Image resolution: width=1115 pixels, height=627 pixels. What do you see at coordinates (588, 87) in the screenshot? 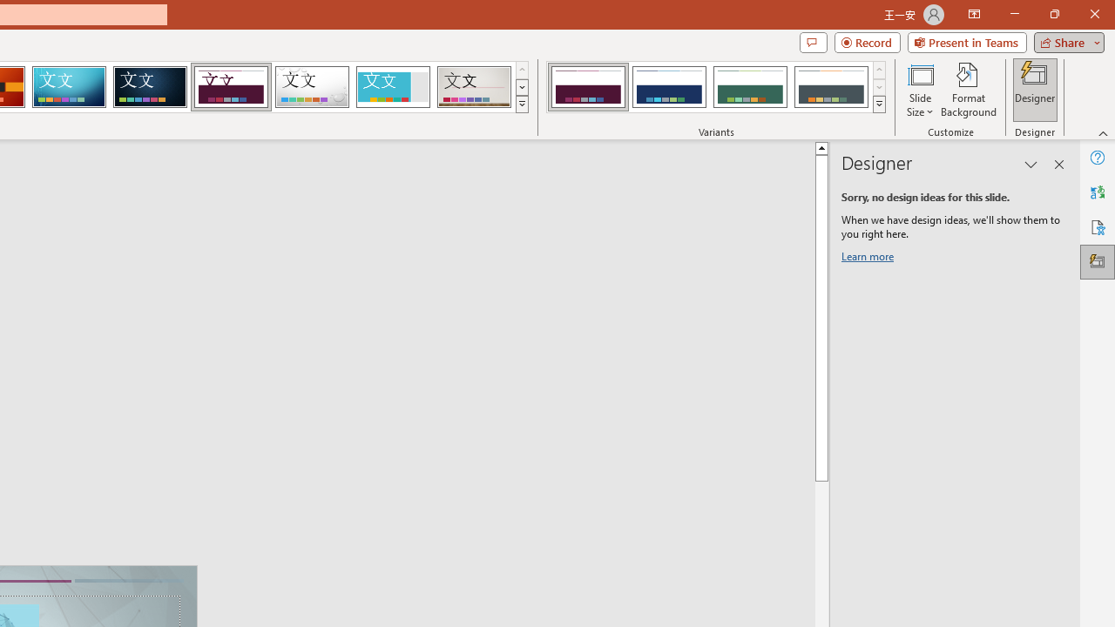
I see `'Dividend Variant 1'` at bounding box center [588, 87].